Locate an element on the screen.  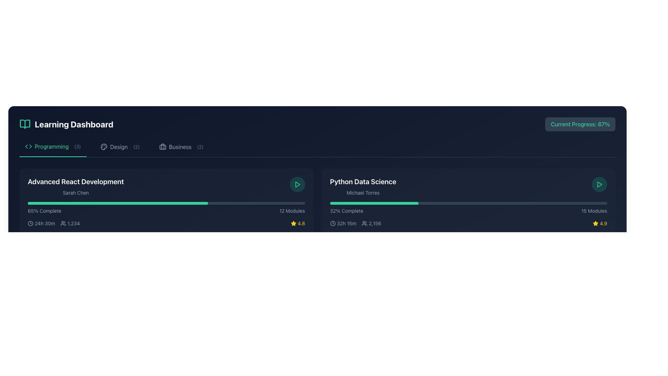
the star icon representing the rating located to the left of the numeric score (4.9) in the bottom-right corner of the Python Data Science module card is located at coordinates (294, 298).